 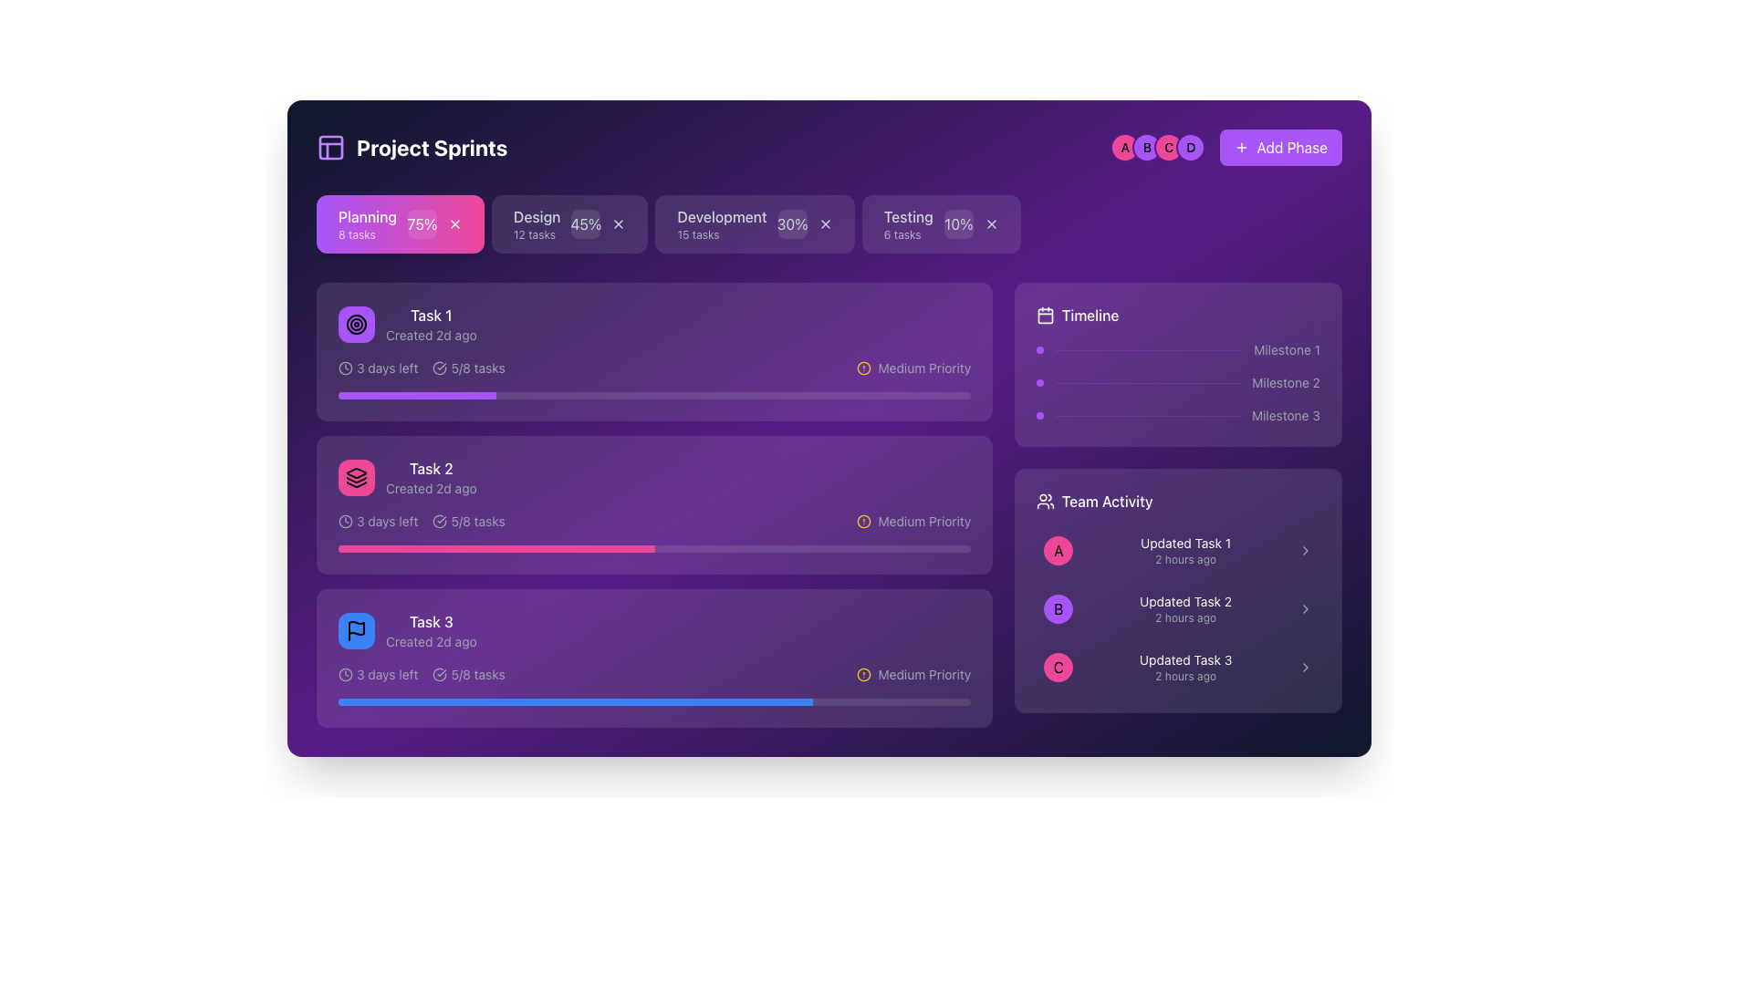 What do you see at coordinates (908, 216) in the screenshot?
I see `the Text label displaying 'Testing' which is styled in white text on a purple background, positioned as the fourth label in a horizontal row of progress phases` at bounding box center [908, 216].